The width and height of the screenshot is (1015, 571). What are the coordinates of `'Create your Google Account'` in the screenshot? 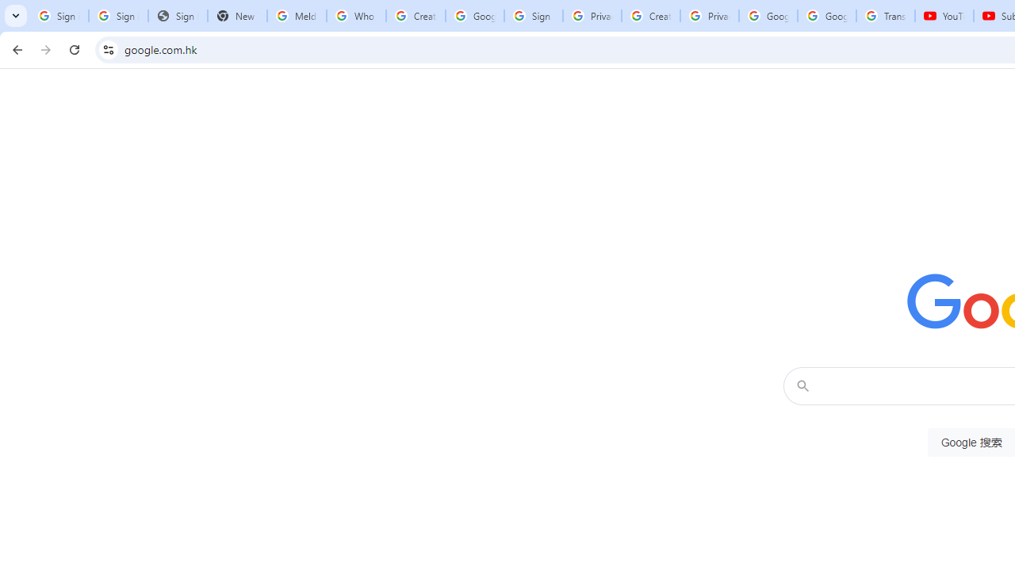 It's located at (650, 16).